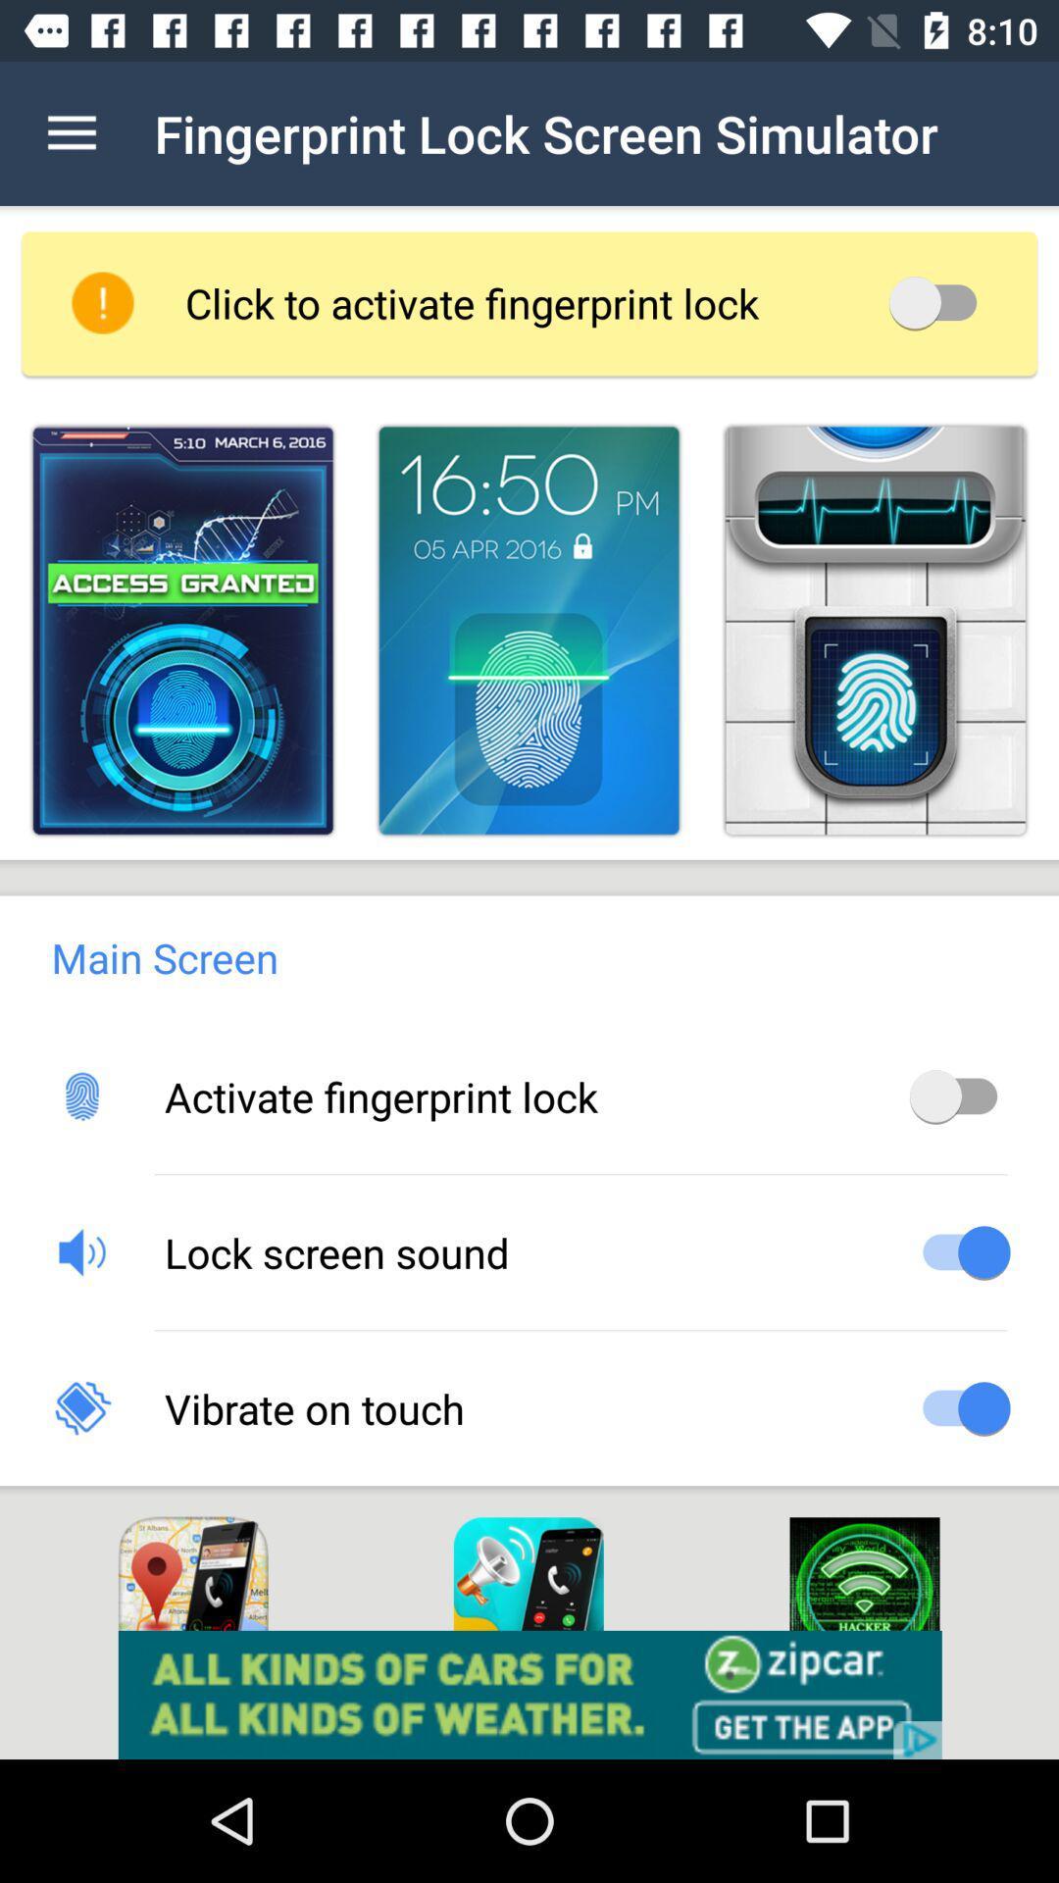 This screenshot has width=1059, height=1883. What do you see at coordinates (959, 1094) in the screenshot?
I see `enable fingerprint lock` at bounding box center [959, 1094].